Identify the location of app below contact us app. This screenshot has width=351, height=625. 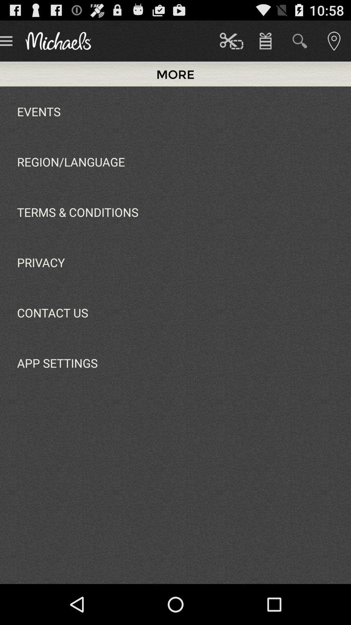
(57, 363).